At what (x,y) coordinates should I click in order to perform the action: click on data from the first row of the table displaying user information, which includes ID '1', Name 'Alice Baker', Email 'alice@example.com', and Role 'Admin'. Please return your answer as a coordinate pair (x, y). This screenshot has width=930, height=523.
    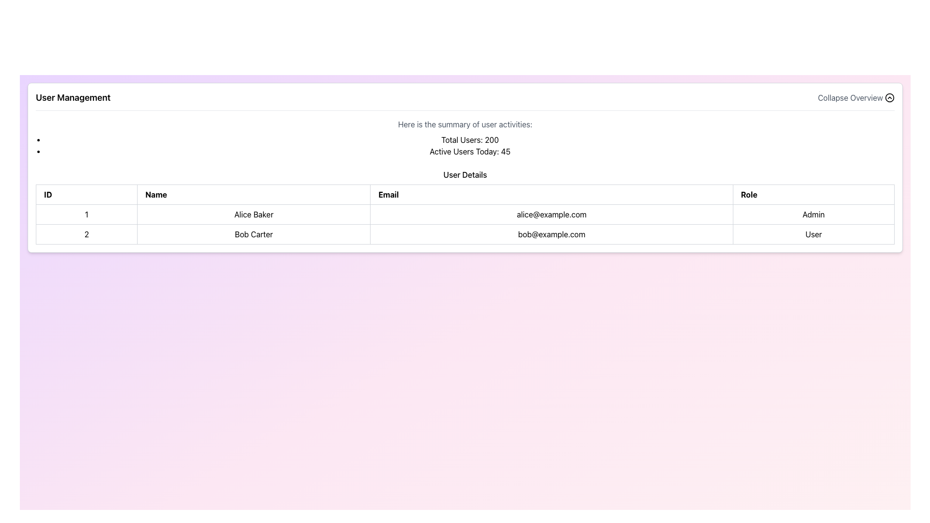
    Looking at the image, I should click on (465, 214).